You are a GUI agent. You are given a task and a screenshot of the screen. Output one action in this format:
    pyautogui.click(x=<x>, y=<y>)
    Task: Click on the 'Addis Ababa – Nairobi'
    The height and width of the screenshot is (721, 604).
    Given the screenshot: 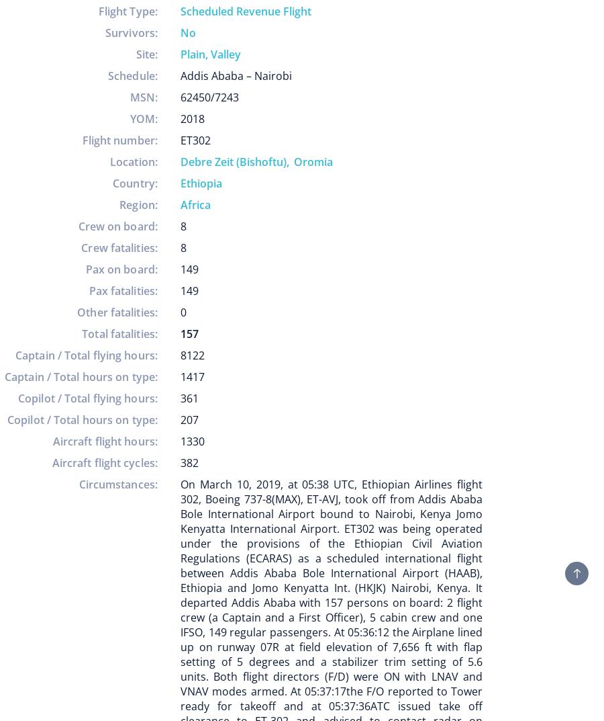 What is the action you would take?
    pyautogui.click(x=236, y=75)
    